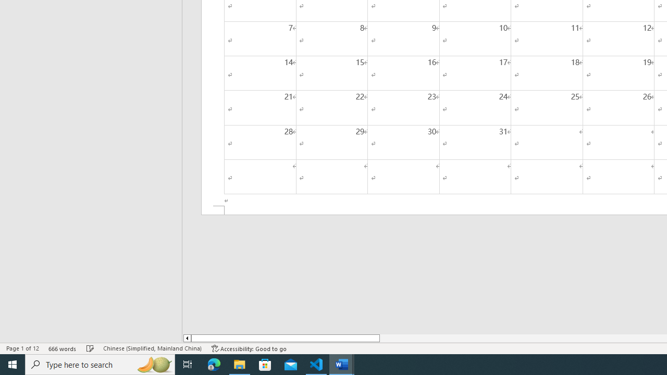 The width and height of the screenshot is (667, 375). Describe the element at coordinates (62, 348) in the screenshot. I see `'Word Count 666 words'` at that location.